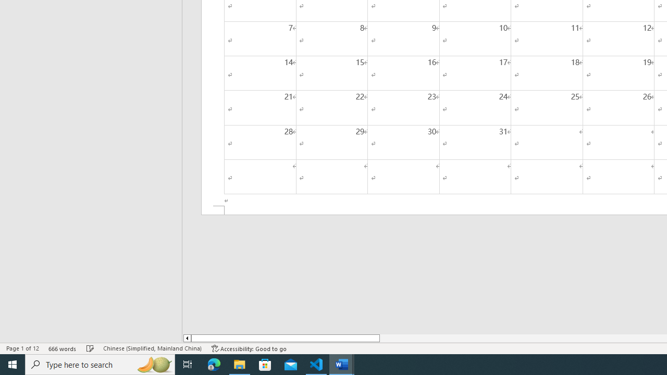 The width and height of the screenshot is (667, 375). Describe the element at coordinates (62, 348) in the screenshot. I see `'Word Count 666 words'` at that location.